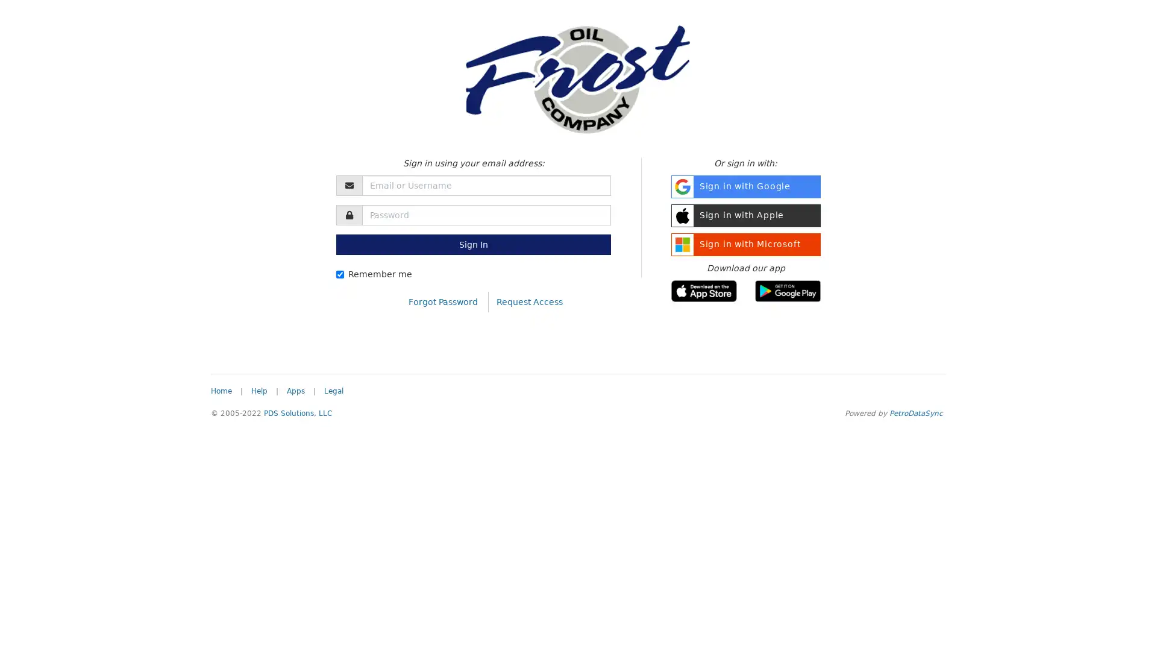 The image size is (1157, 651). Describe the element at coordinates (529, 301) in the screenshot. I see `Request Access` at that location.